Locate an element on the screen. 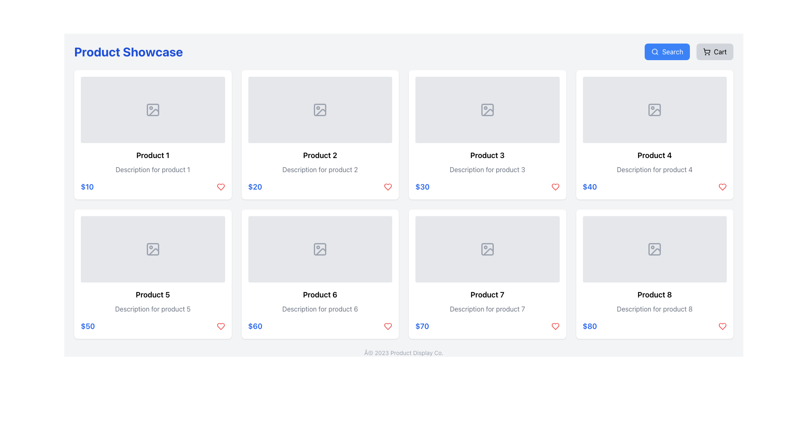 The width and height of the screenshot is (796, 448). the shopping cart icon within the 'Cart' button located in the top-right corner of the interface is located at coordinates (706, 51).